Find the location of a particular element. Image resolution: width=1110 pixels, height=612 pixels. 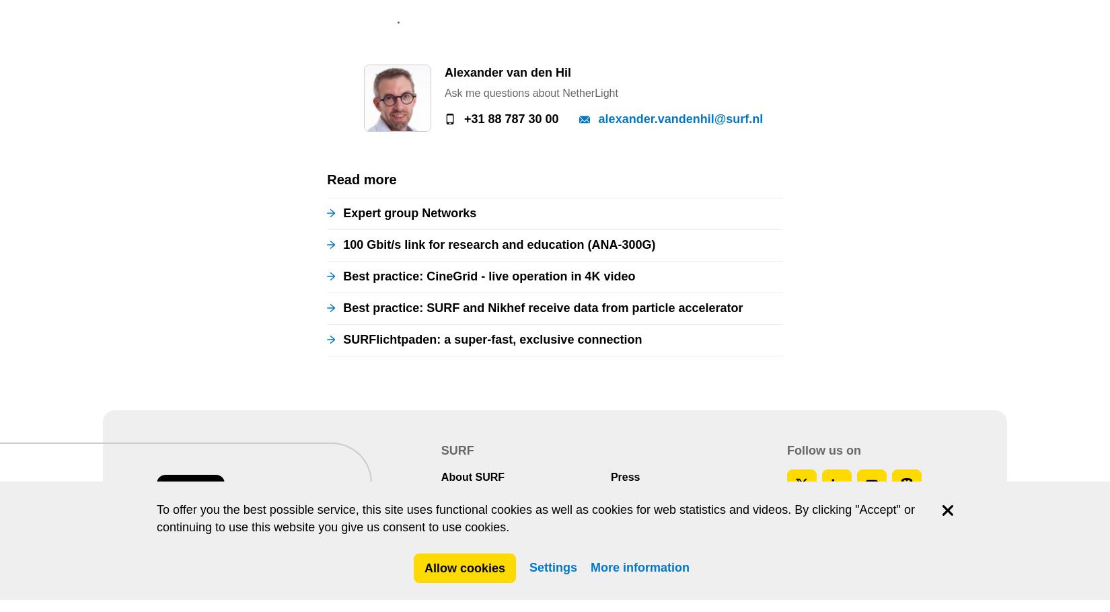

'Copyright' is located at coordinates (406, 115).